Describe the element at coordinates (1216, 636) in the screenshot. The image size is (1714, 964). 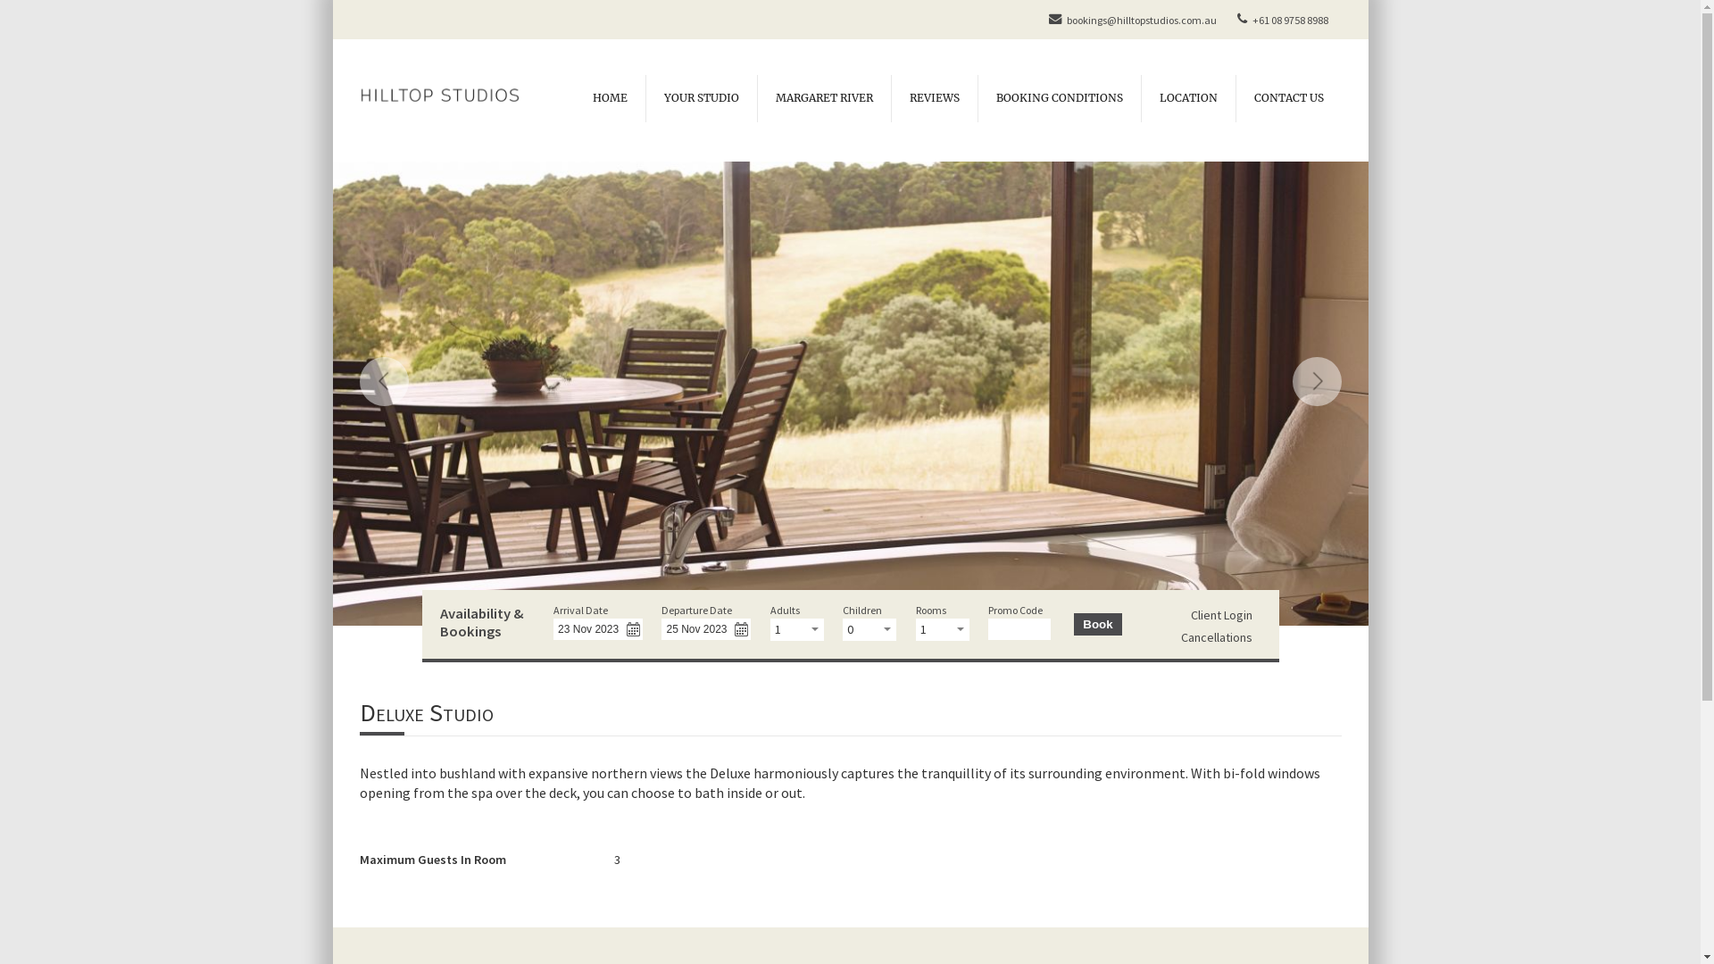
I see `'Cancellations'` at that location.